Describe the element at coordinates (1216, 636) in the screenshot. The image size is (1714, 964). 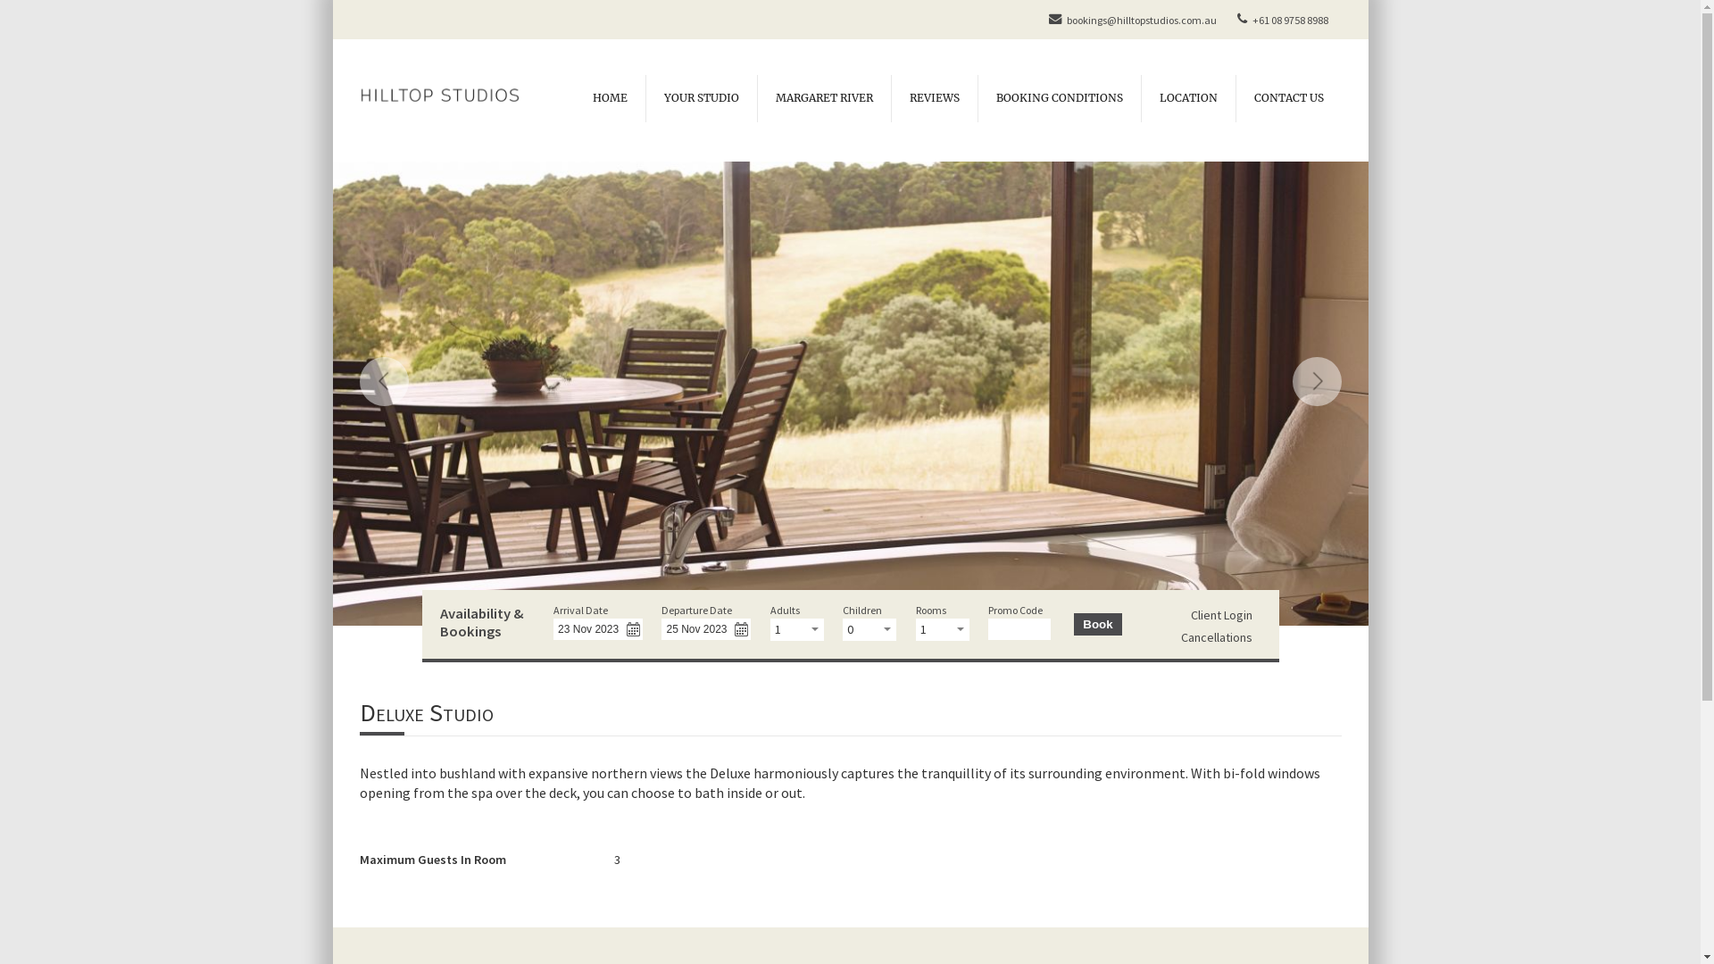
I see `'Cancellations'` at that location.